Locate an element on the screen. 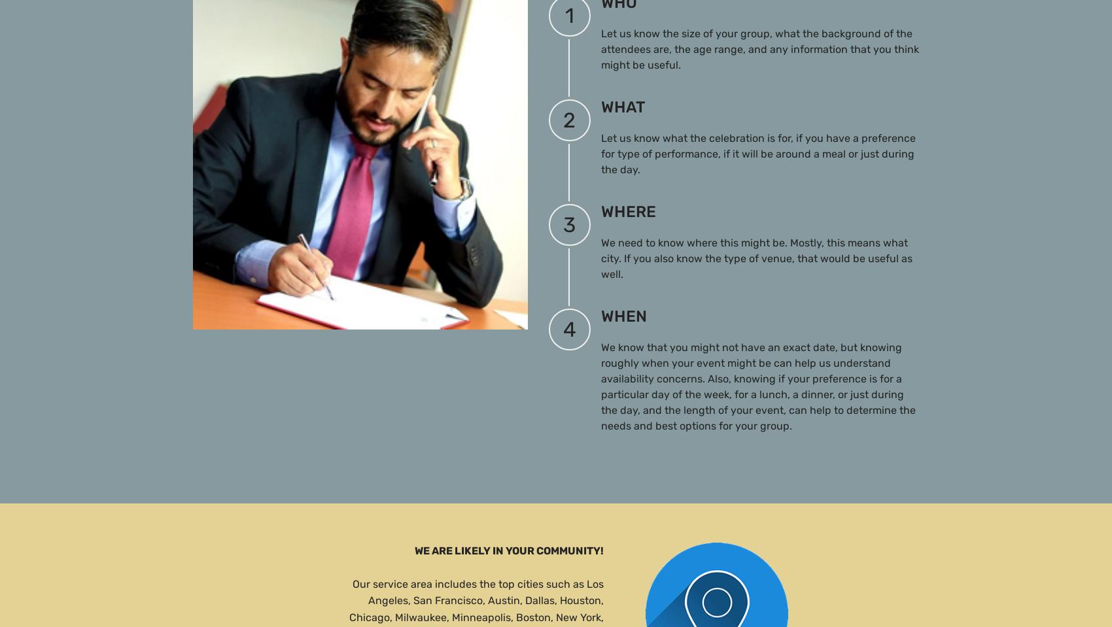 The height and width of the screenshot is (627, 1112). '1' is located at coordinates (569, 14).